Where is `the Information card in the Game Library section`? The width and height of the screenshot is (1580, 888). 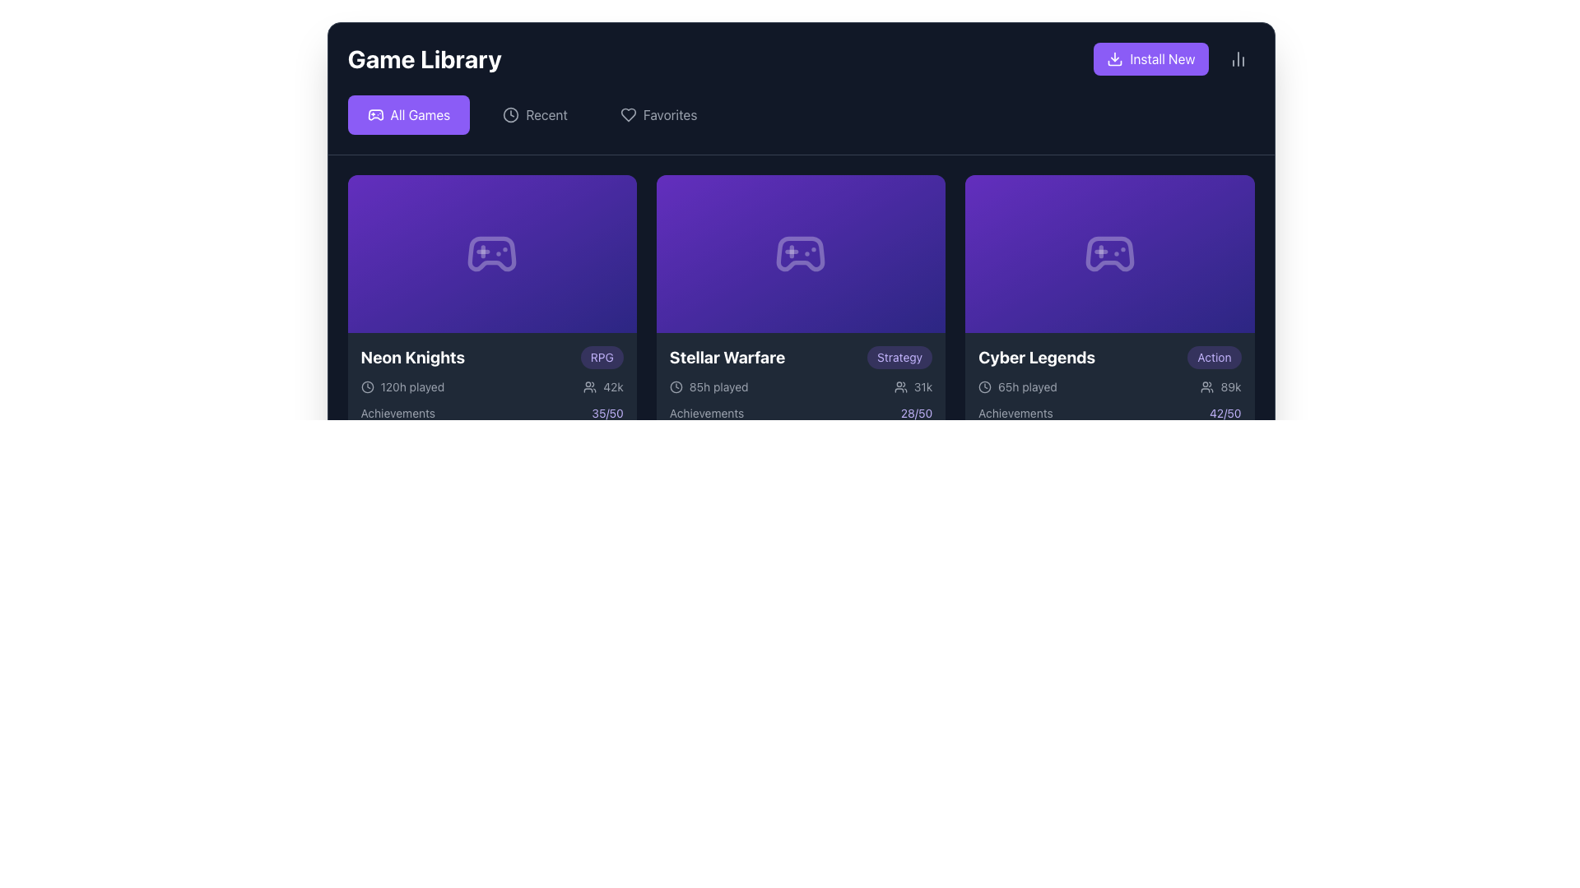 the Information card in the Game Library section is located at coordinates (491, 311).